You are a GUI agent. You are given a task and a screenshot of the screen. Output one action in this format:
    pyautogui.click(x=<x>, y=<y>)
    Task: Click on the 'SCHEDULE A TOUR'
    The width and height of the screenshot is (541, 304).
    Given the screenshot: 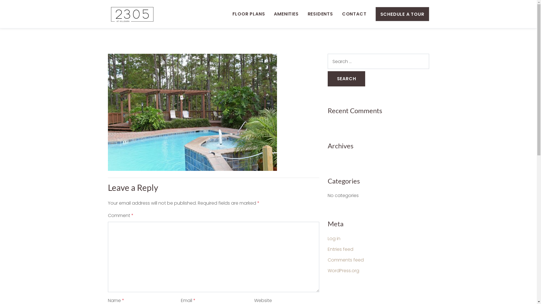 What is the action you would take?
    pyautogui.click(x=402, y=14)
    